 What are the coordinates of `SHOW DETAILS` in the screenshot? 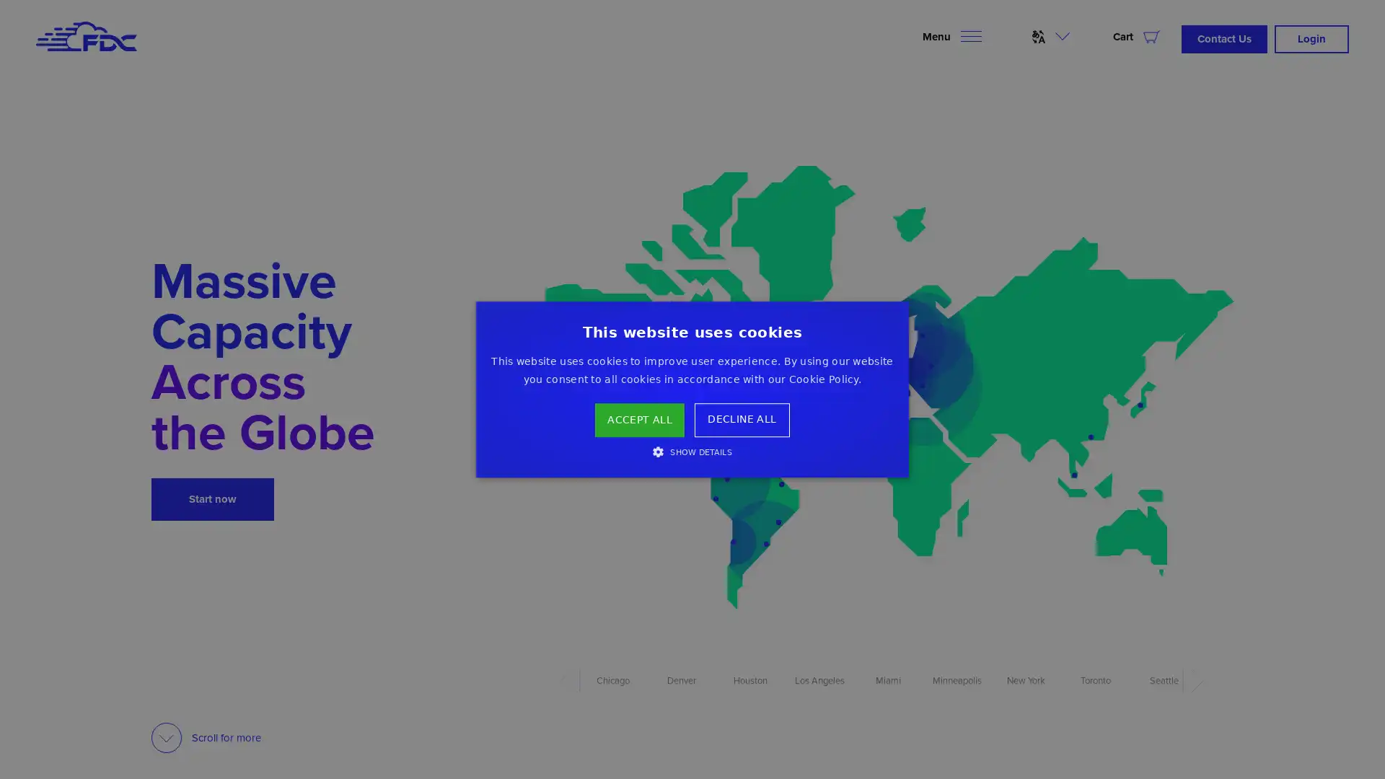 It's located at (691, 450).